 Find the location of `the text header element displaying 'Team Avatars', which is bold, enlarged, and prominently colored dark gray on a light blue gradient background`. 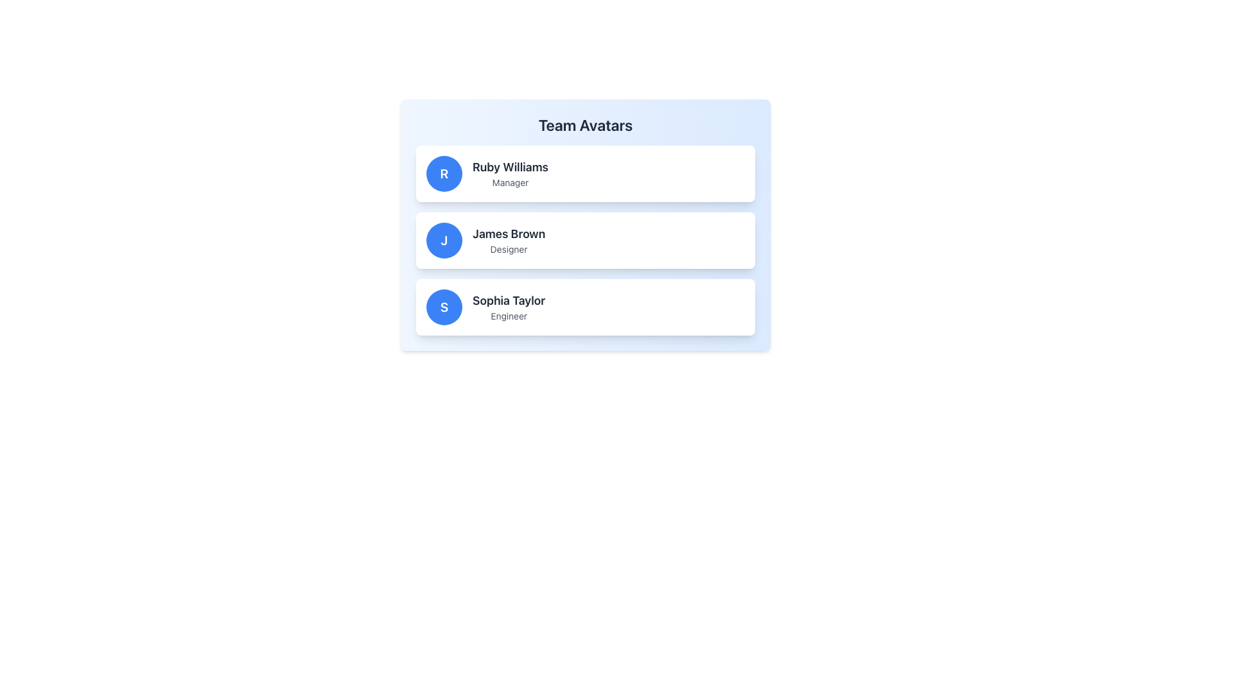

the text header element displaying 'Team Avatars', which is bold, enlarged, and prominently colored dark gray on a light blue gradient background is located at coordinates (585, 125).